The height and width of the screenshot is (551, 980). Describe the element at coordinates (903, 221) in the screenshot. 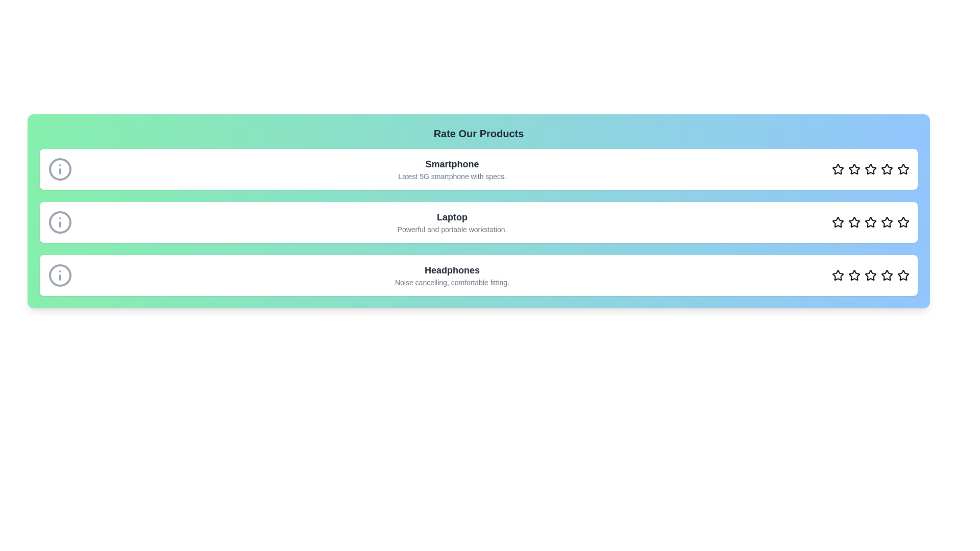

I see `the fifth star icon in the rating component for the 'Laptop' product entry` at that location.